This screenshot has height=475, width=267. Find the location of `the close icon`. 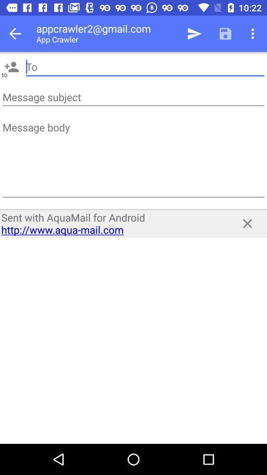

the close icon is located at coordinates (247, 223).